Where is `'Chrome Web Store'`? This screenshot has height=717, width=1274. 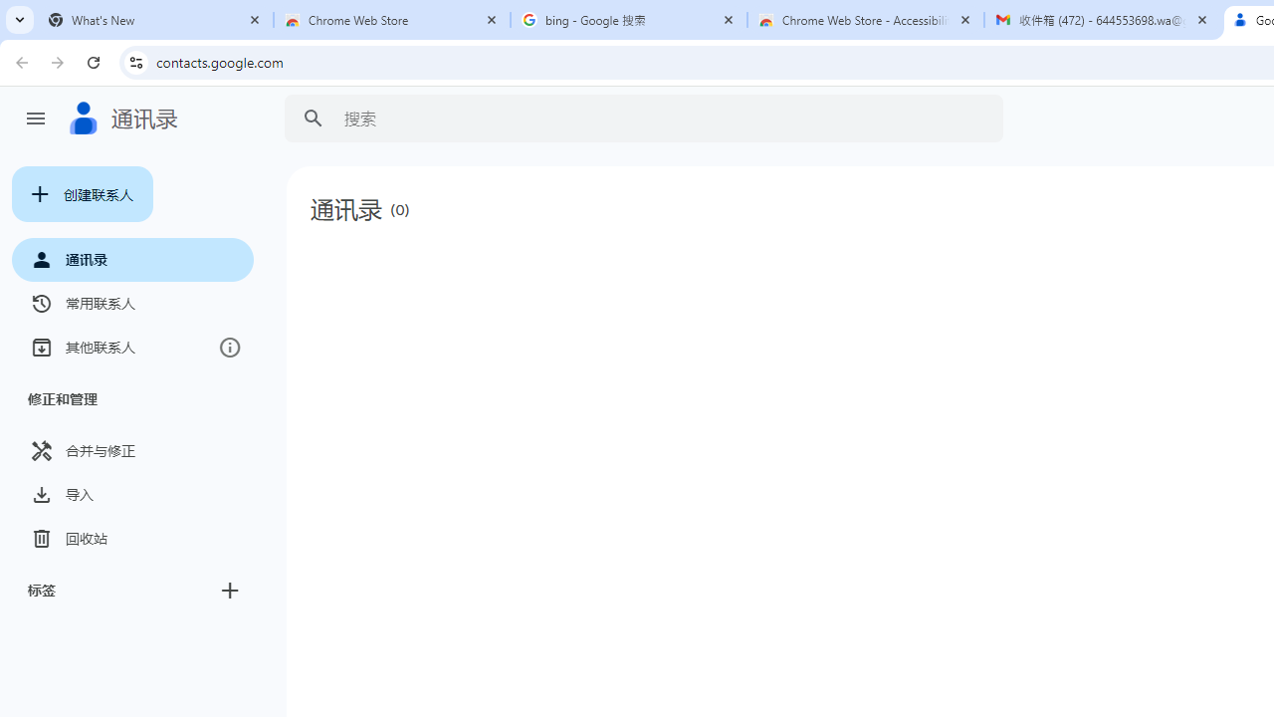
'Chrome Web Store' is located at coordinates (392, 20).